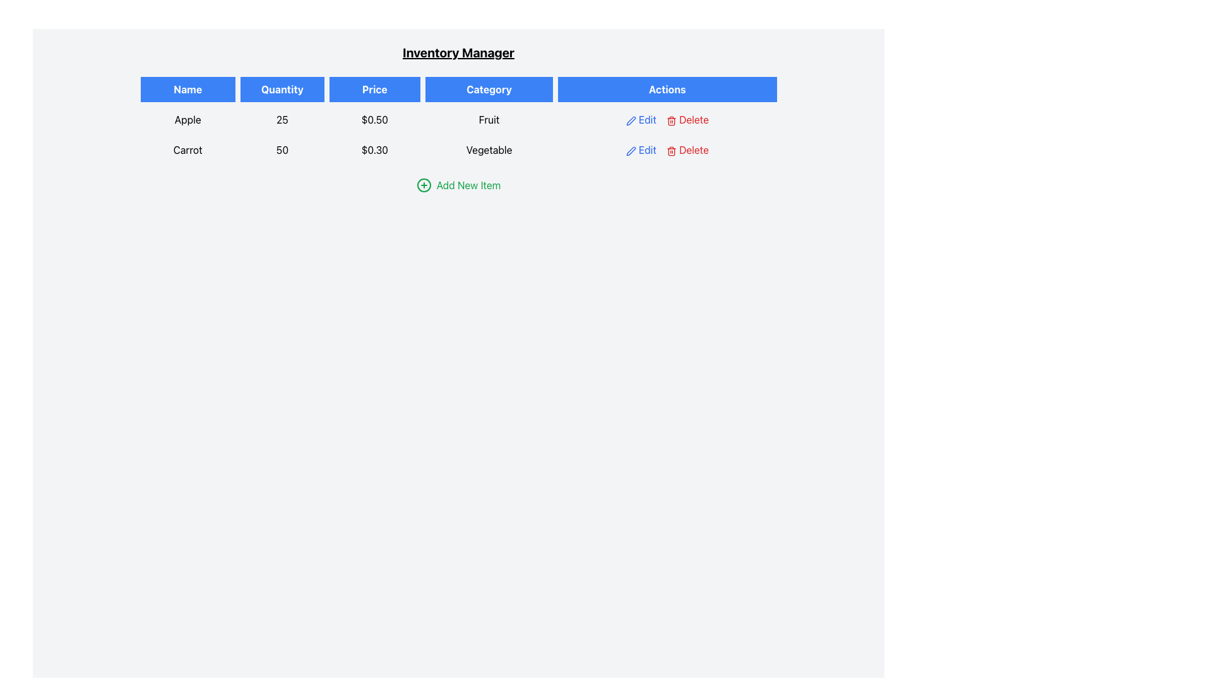  I want to click on the edit link with associated icon located in the 'Actions' column of the topmost row in the table, so click(641, 119).